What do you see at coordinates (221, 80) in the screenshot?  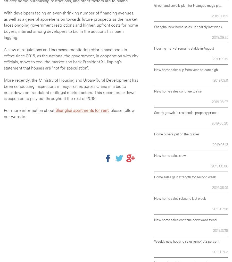 I see `'2019.09.11'` at bounding box center [221, 80].